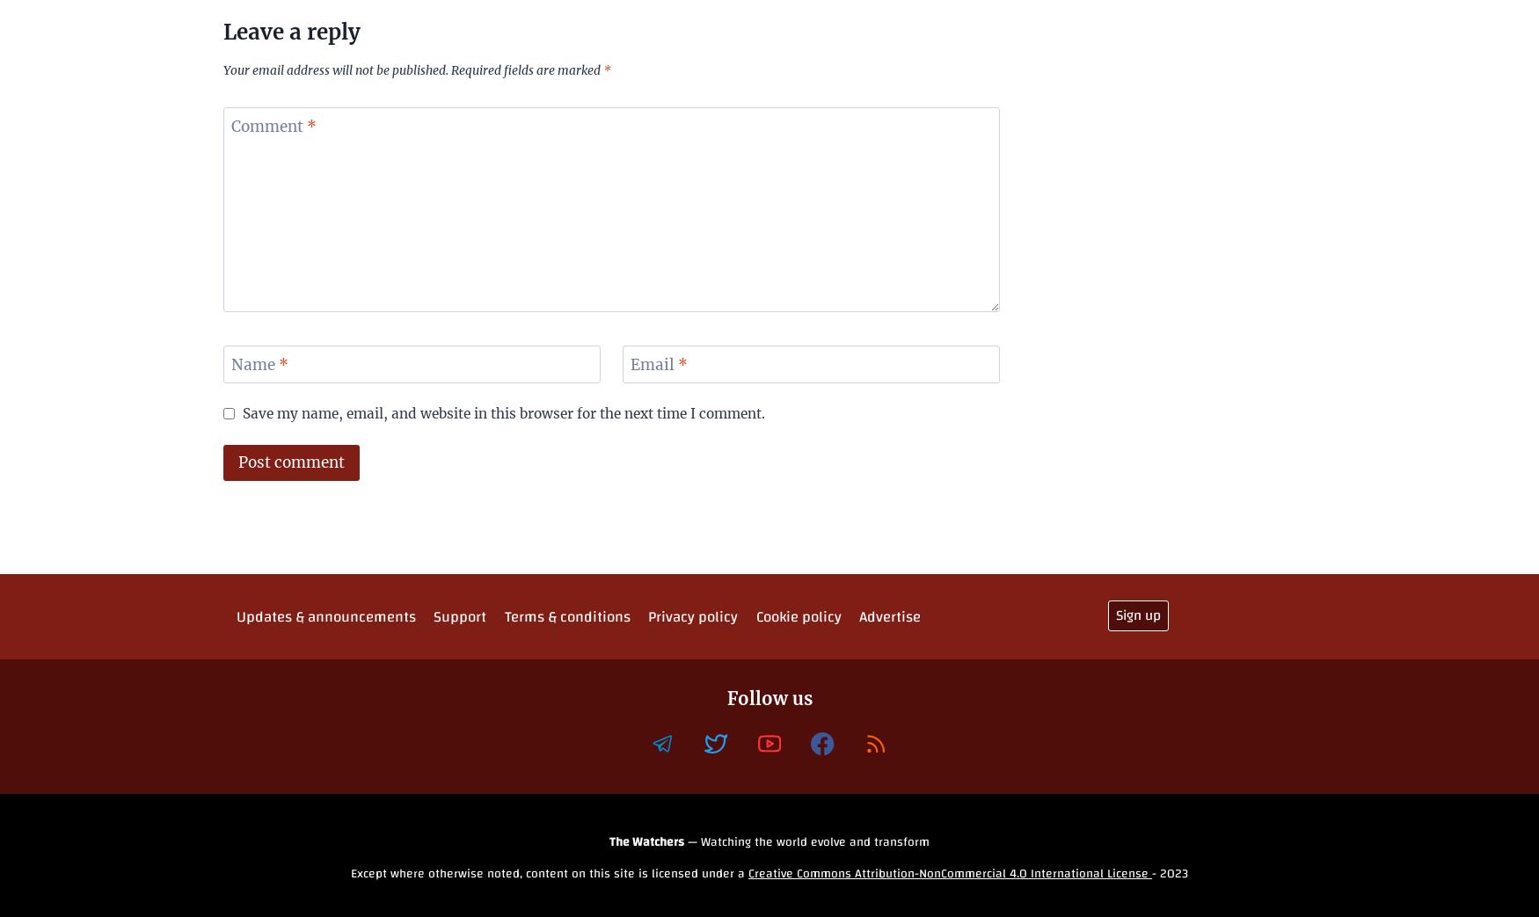  I want to click on '- 2023', so click(1170, 873).